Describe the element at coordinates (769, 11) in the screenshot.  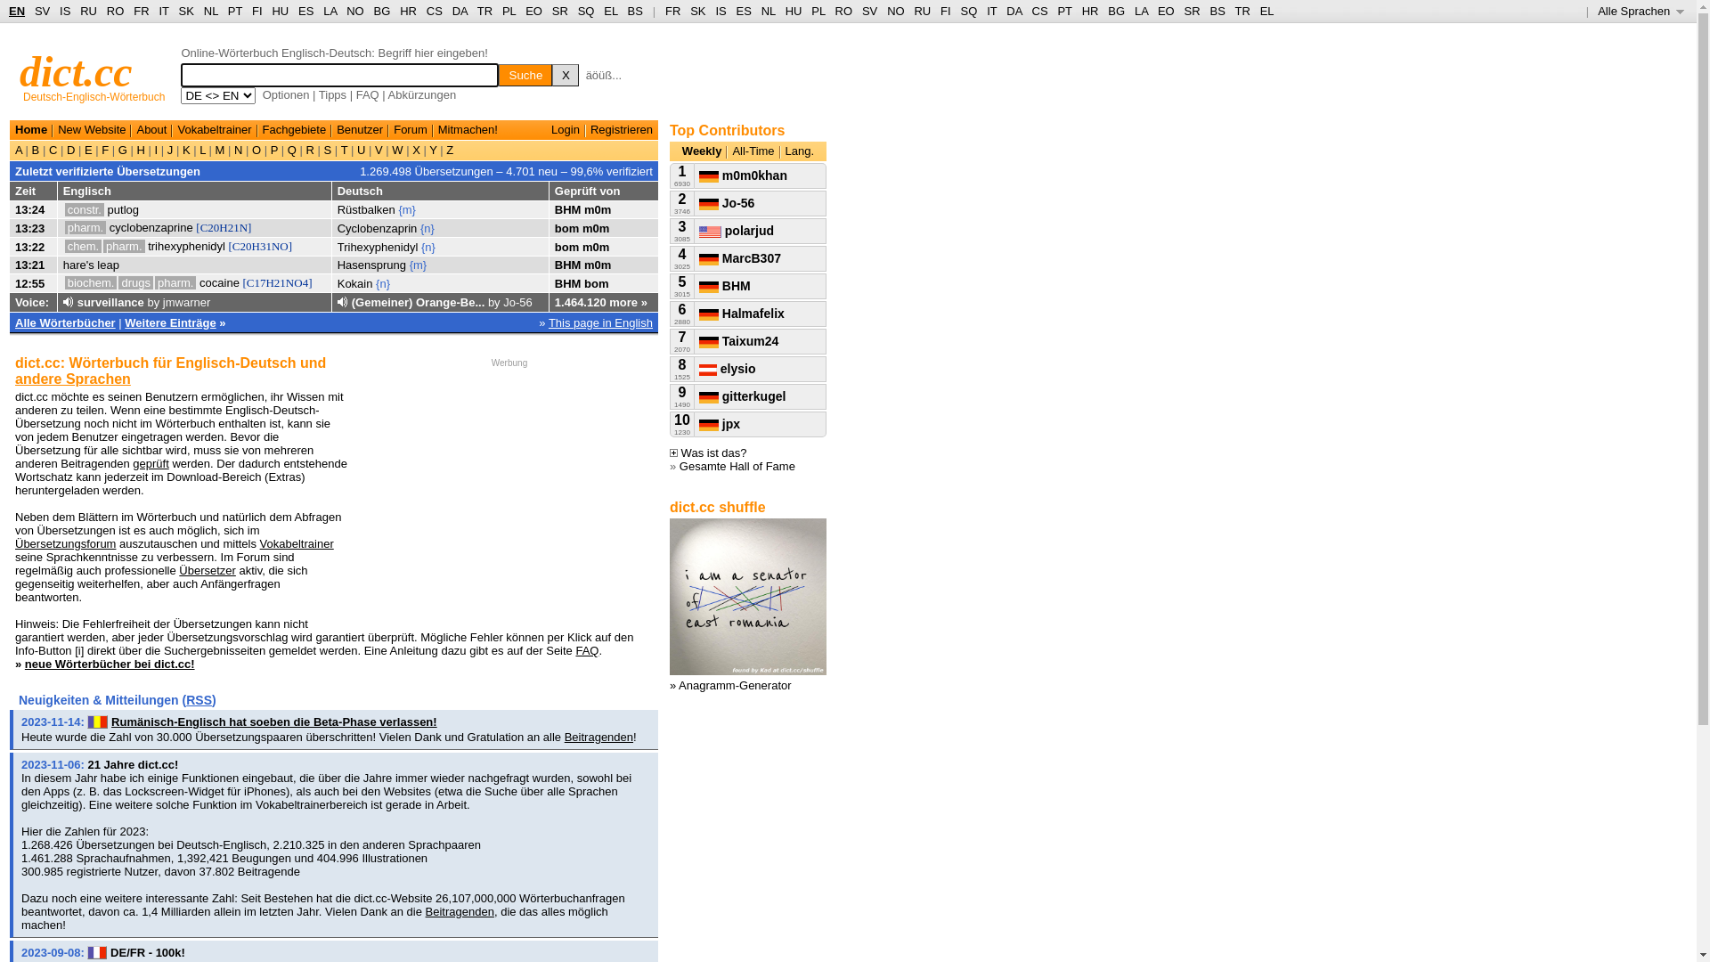
I see `'NL'` at that location.